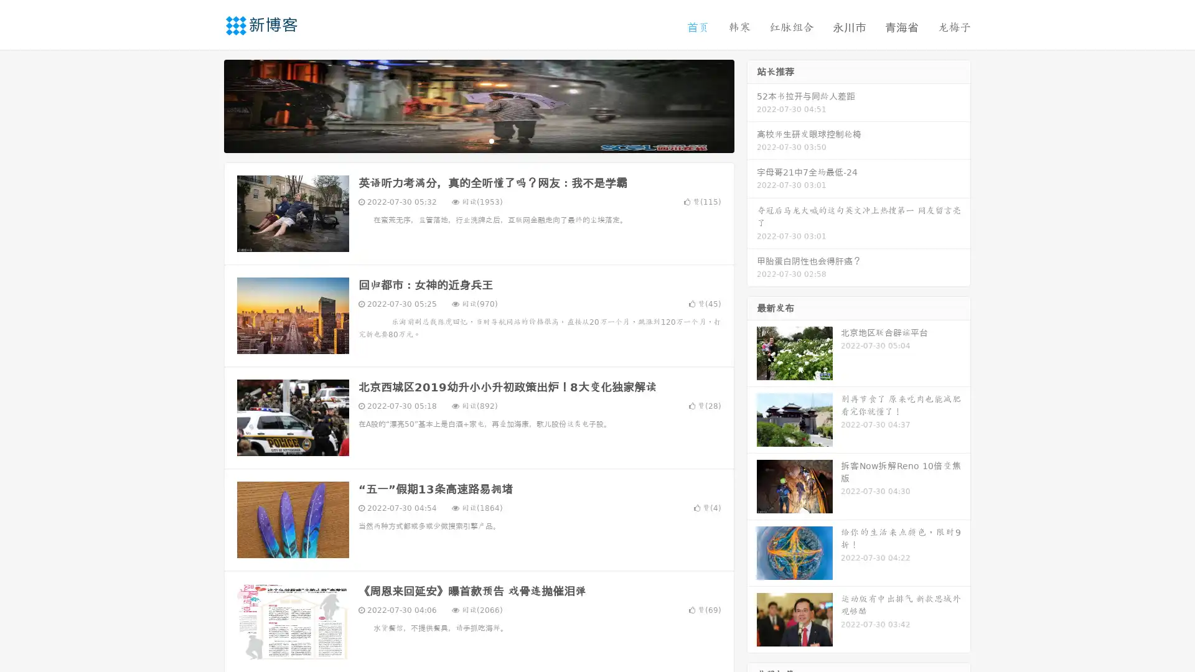  What do you see at coordinates (205, 105) in the screenshot?
I see `Previous slide` at bounding box center [205, 105].